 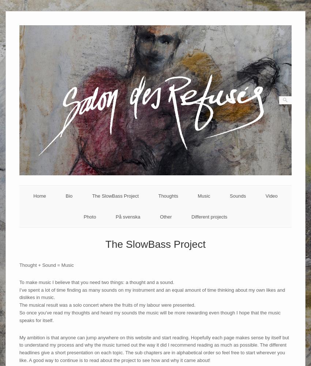 I want to click on 'The Indian', so click(x=226, y=270).